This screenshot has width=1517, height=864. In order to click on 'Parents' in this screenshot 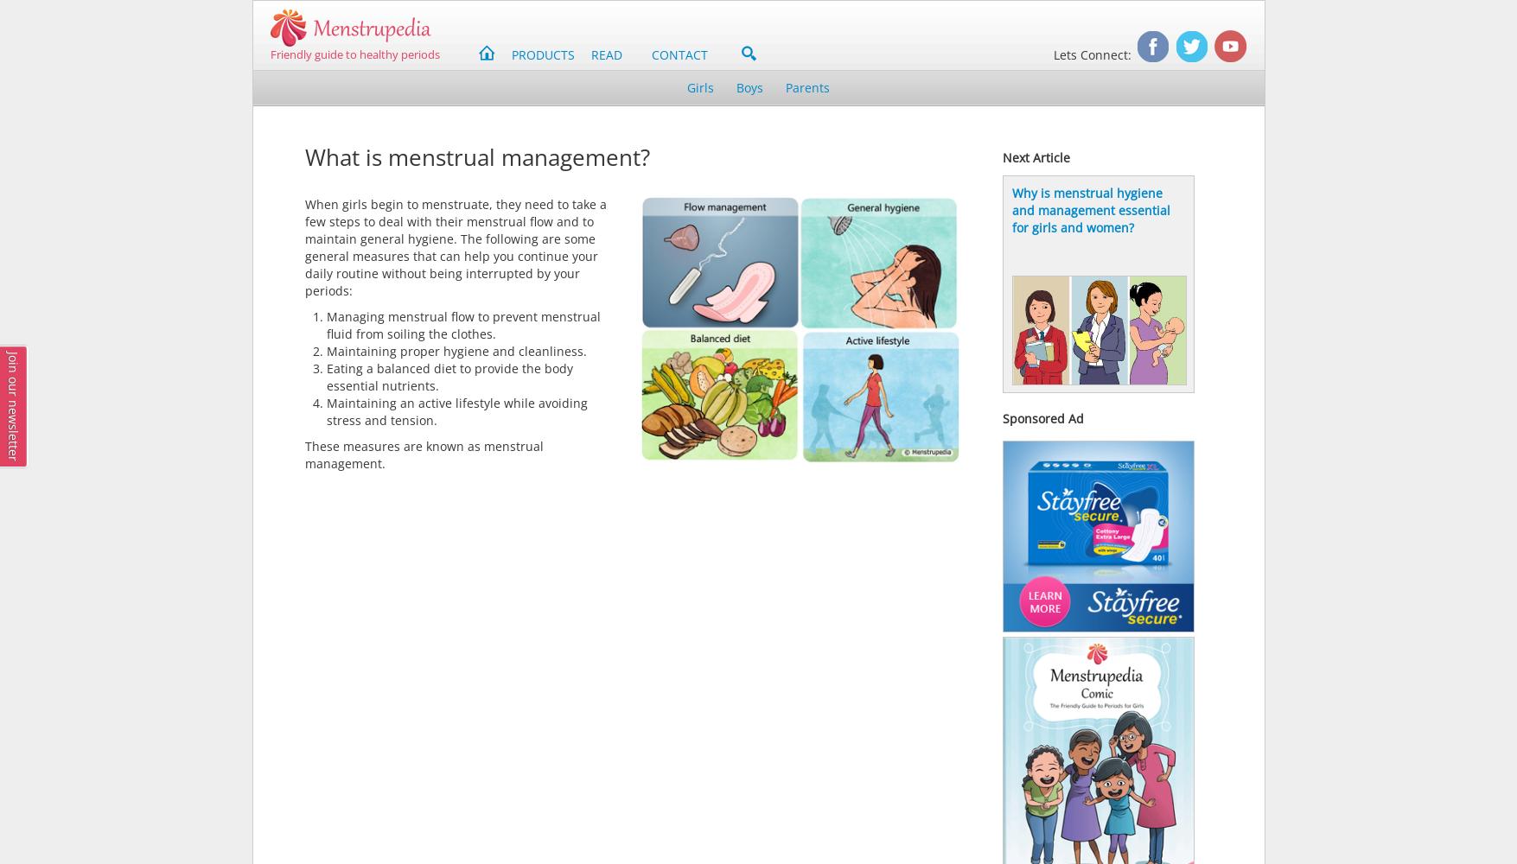, I will do `click(806, 86)`.